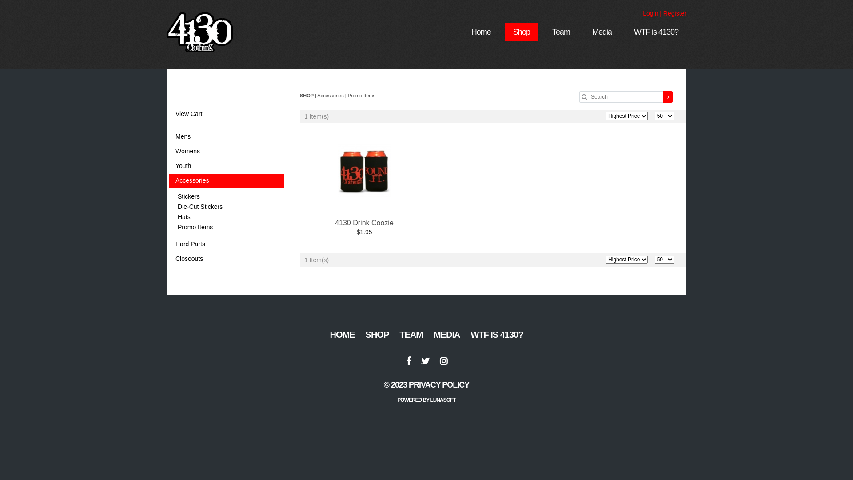 This screenshot has width=853, height=480. I want to click on 'Accessories', so click(168, 180).